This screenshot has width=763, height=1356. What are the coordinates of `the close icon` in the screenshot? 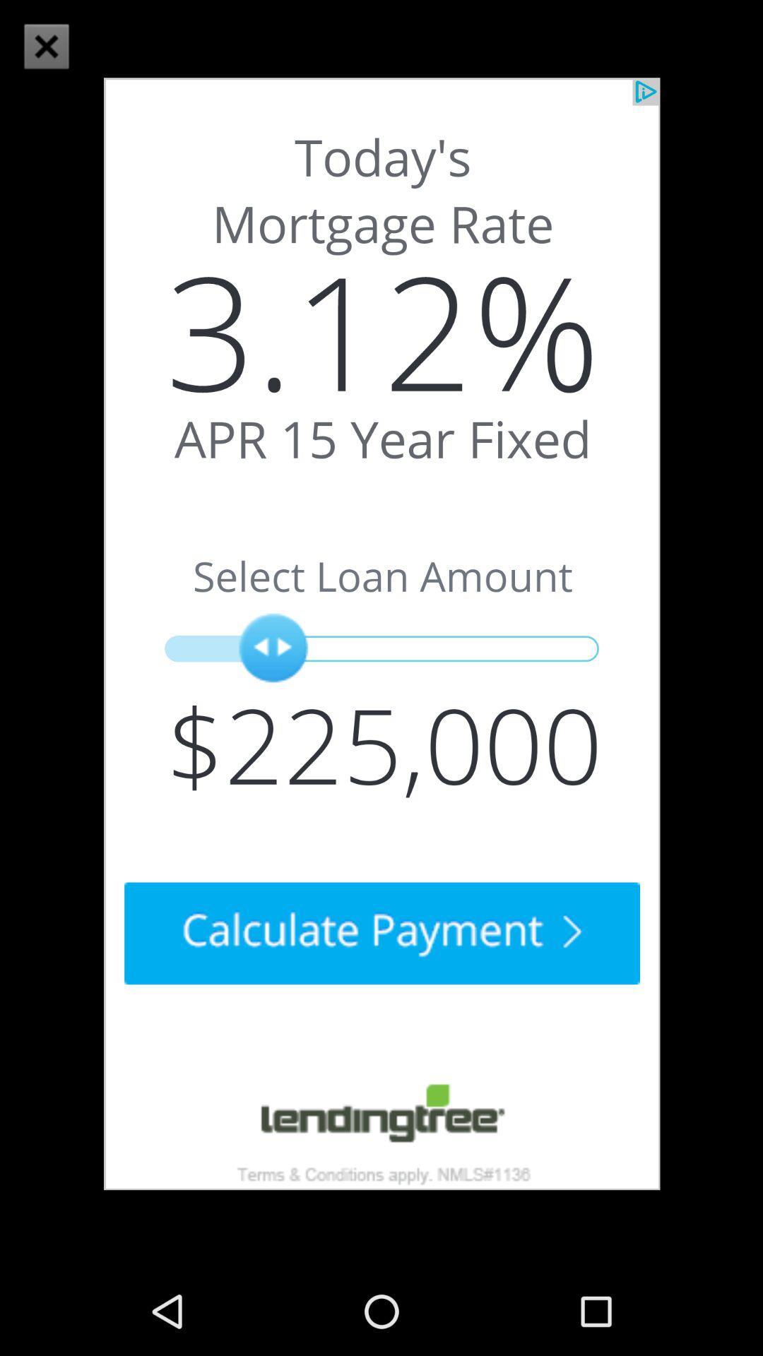 It's located at (45, 49).